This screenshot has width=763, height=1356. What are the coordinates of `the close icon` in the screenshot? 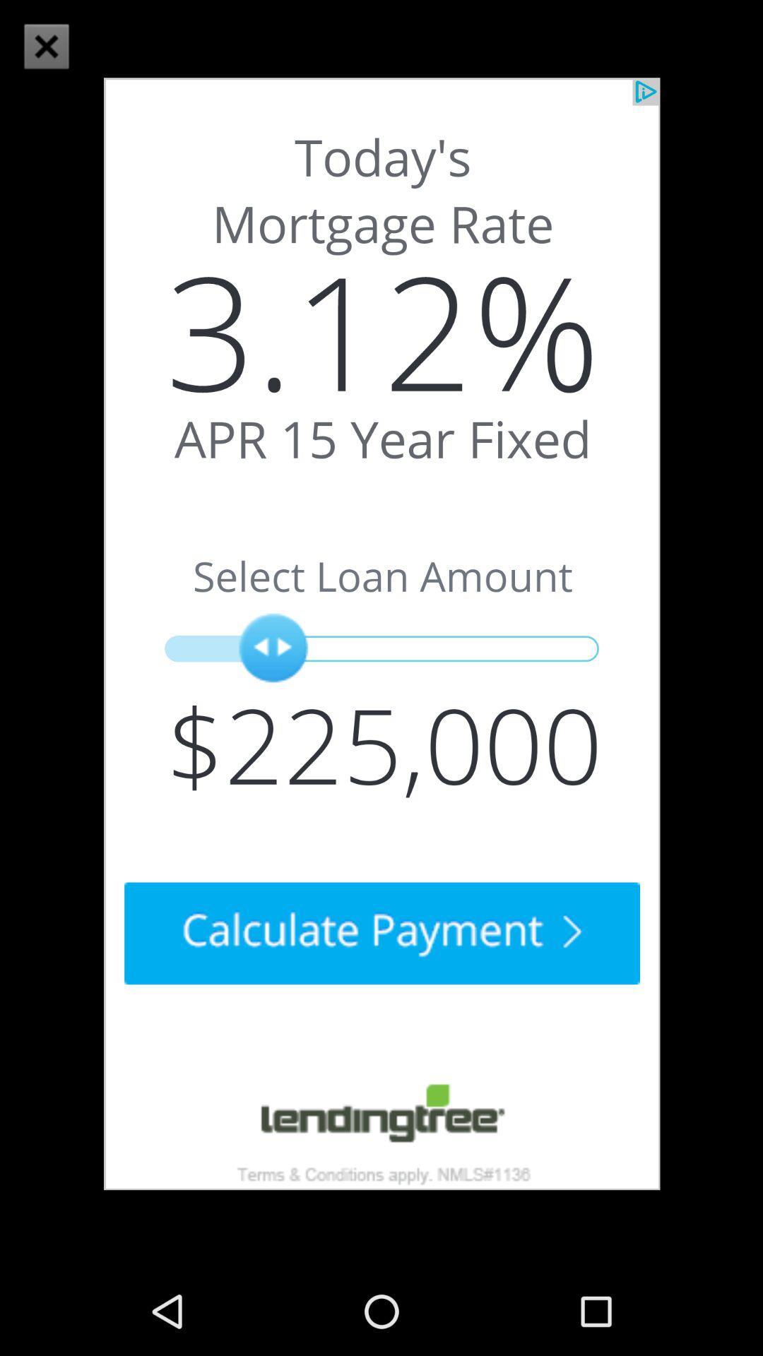 It's located at (45, 49).